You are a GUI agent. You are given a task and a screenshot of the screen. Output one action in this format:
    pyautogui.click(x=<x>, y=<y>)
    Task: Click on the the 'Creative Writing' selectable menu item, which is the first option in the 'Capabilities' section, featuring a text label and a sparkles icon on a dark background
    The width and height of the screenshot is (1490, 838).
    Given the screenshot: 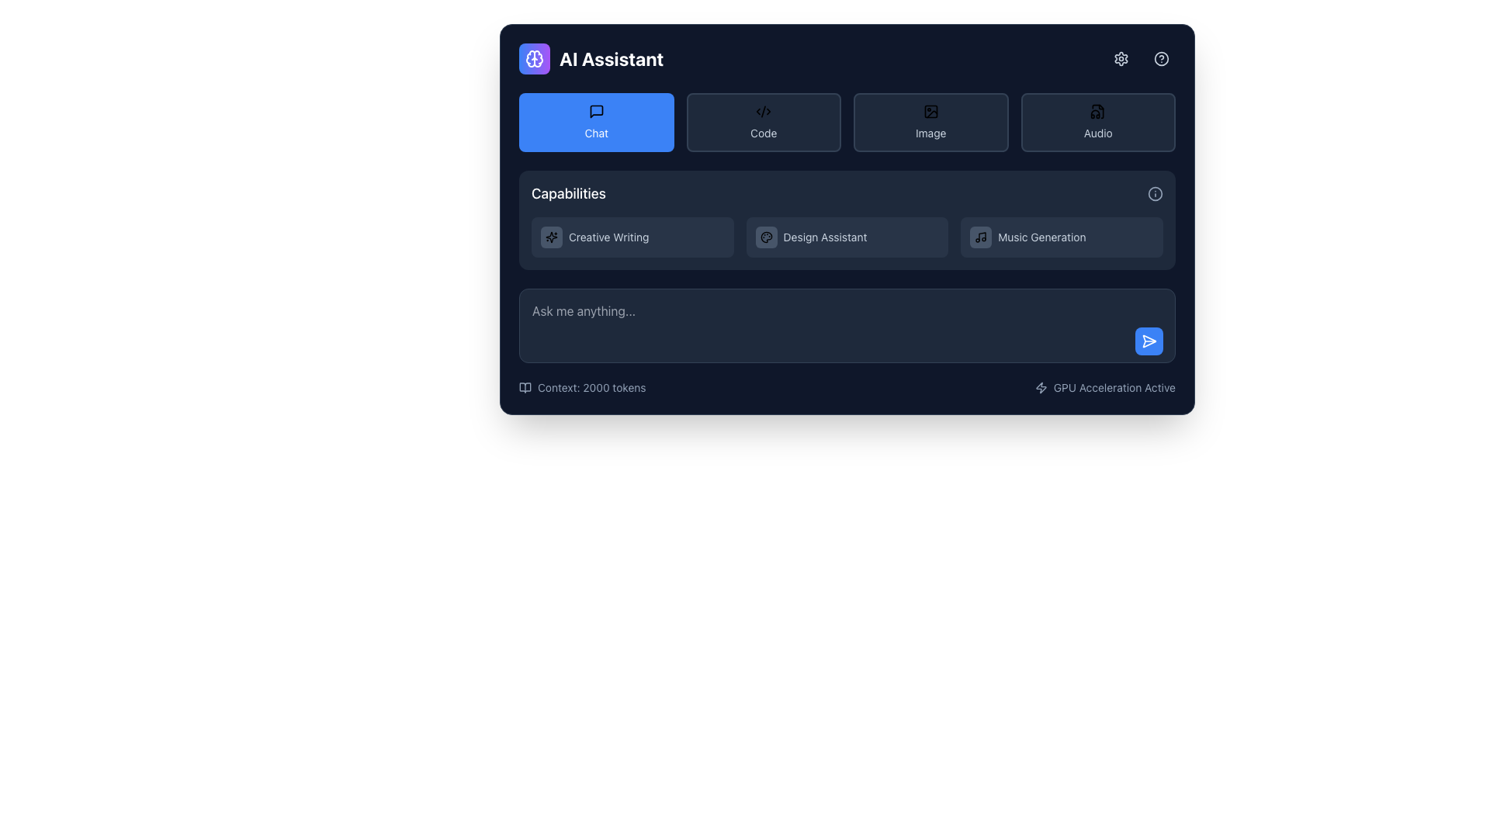 What is the action you would take?
    pyautogui.click(x=632, y=237)
    